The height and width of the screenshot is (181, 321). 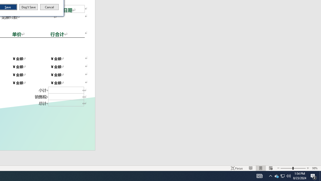 I want to click on 'Zoom 98%', so click(x=315, y=168).